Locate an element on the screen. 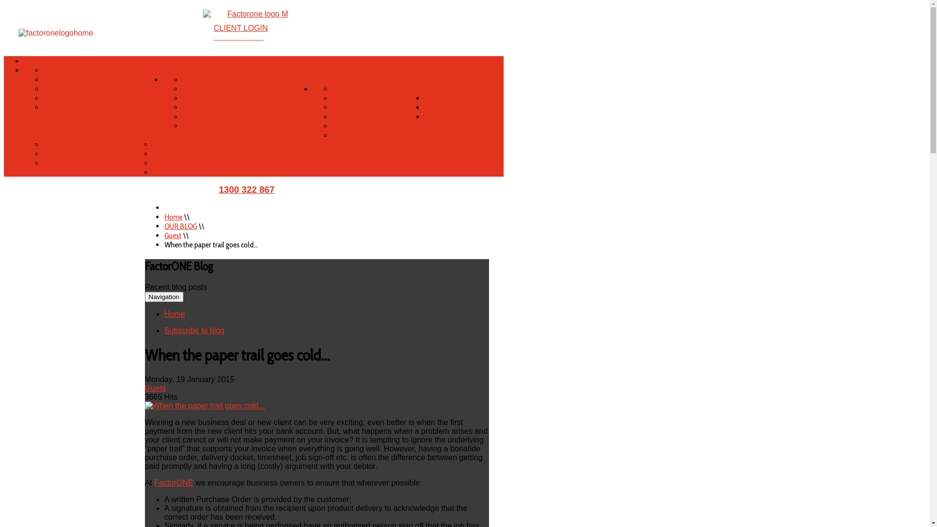 Image resolution: width=937 pixels, height=527 pixels. 'When the paper trail goes cold...' is located at coordinates (204, 405).